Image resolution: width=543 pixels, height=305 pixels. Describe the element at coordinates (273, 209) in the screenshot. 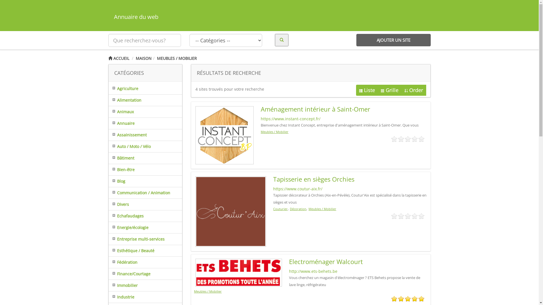

I see `'Couturier'` at that location.